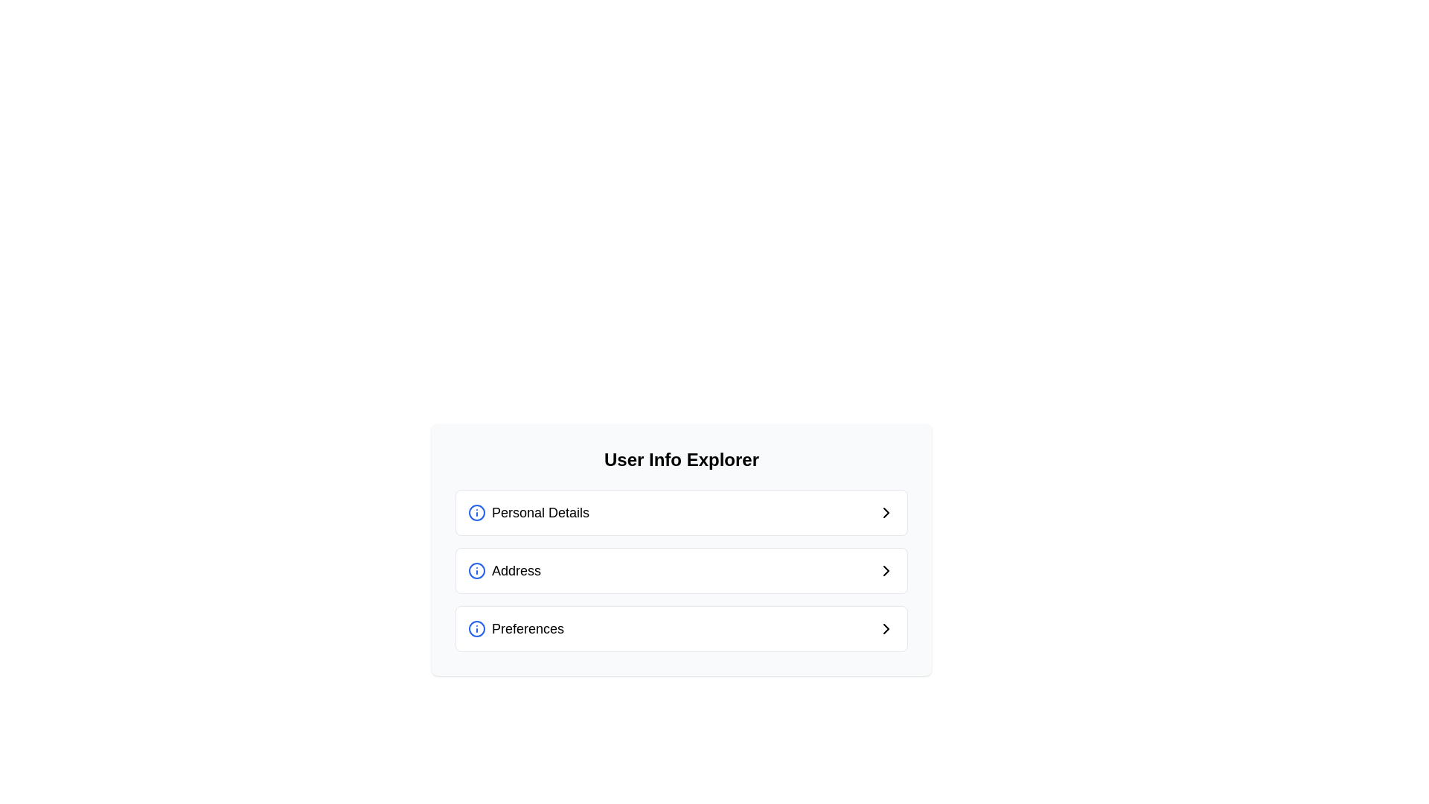 The height and width of the screenshot is (804, 1429). Describe the element at coordinates (477, 570) in the screenshot. I see `the Icon component (circle) that serves as a visual cue for the 'Address' section, positioned to the left of the 'Address' option in the list` at that location.